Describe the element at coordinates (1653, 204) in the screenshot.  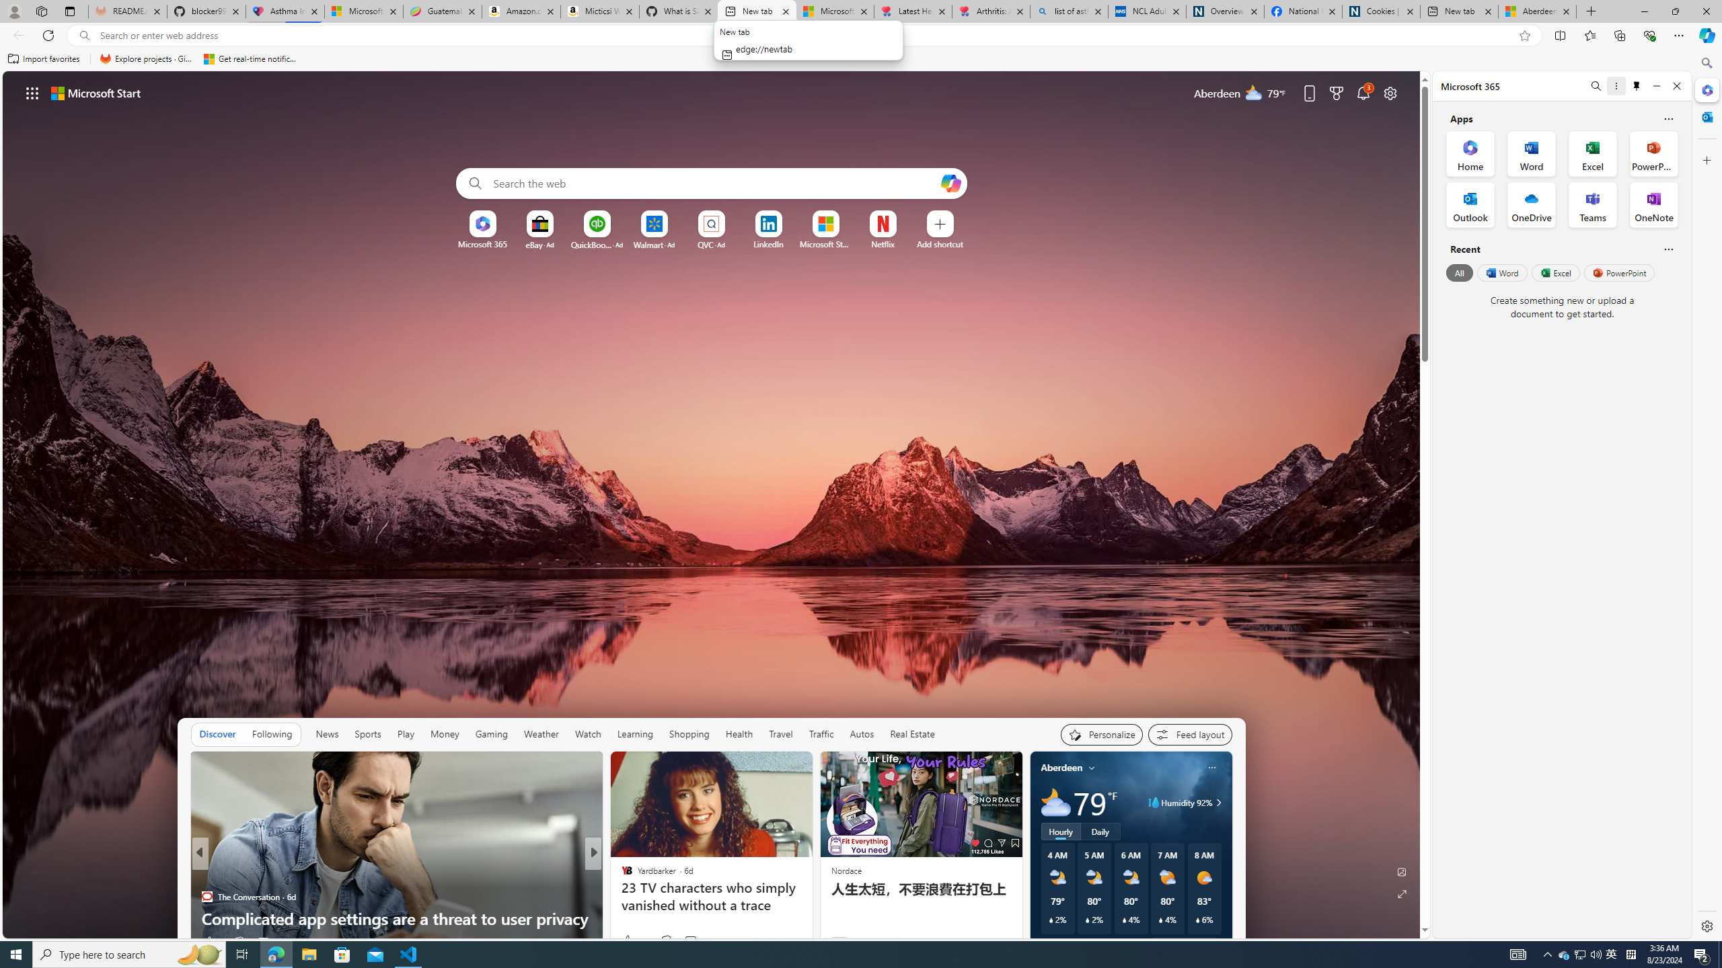
I see `'OneNote Office App'` at that location.